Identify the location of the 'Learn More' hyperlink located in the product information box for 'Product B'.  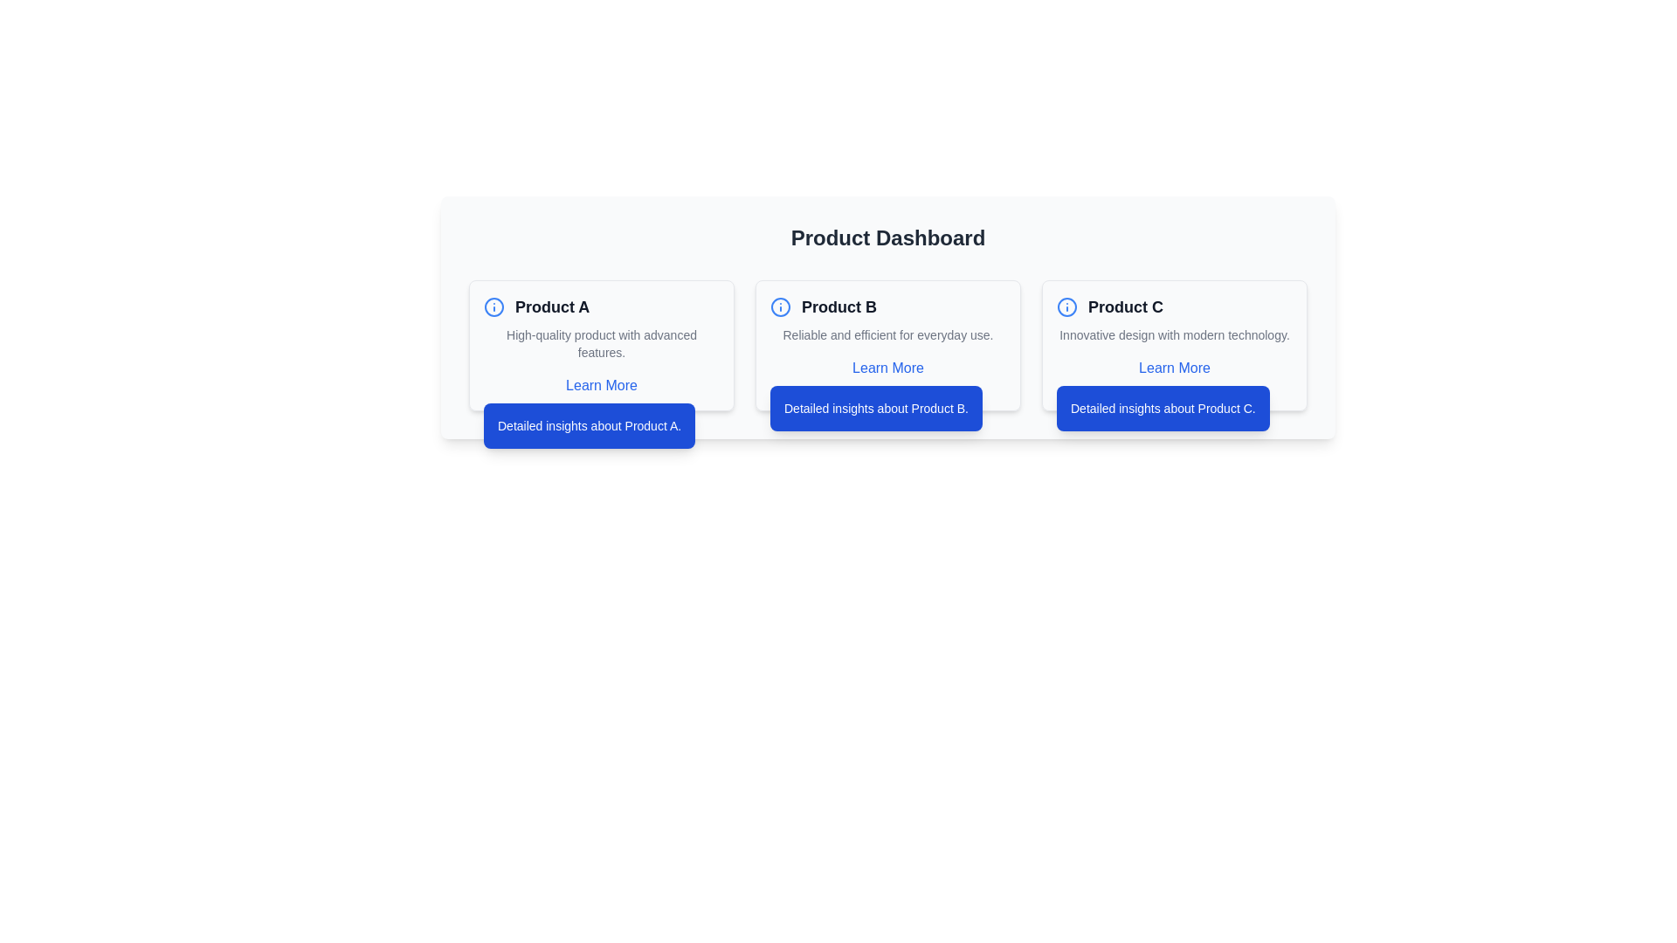
(888, 367).